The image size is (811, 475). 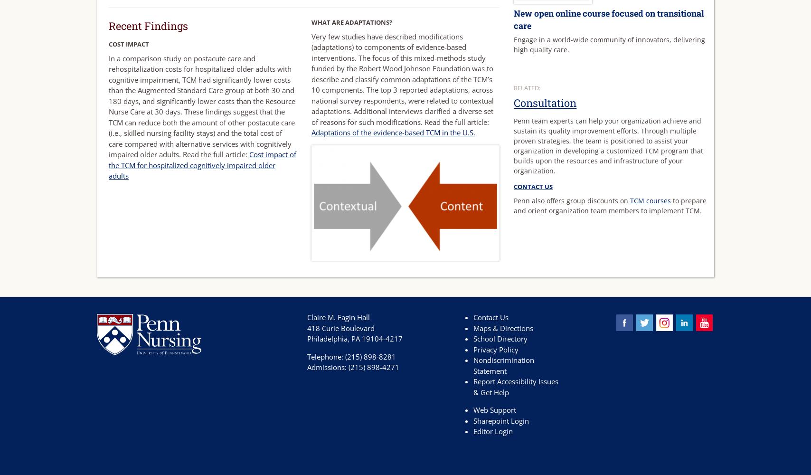 I want to click on 'Report Accessibility Issues & Get Help', so click(x=515, y=386).